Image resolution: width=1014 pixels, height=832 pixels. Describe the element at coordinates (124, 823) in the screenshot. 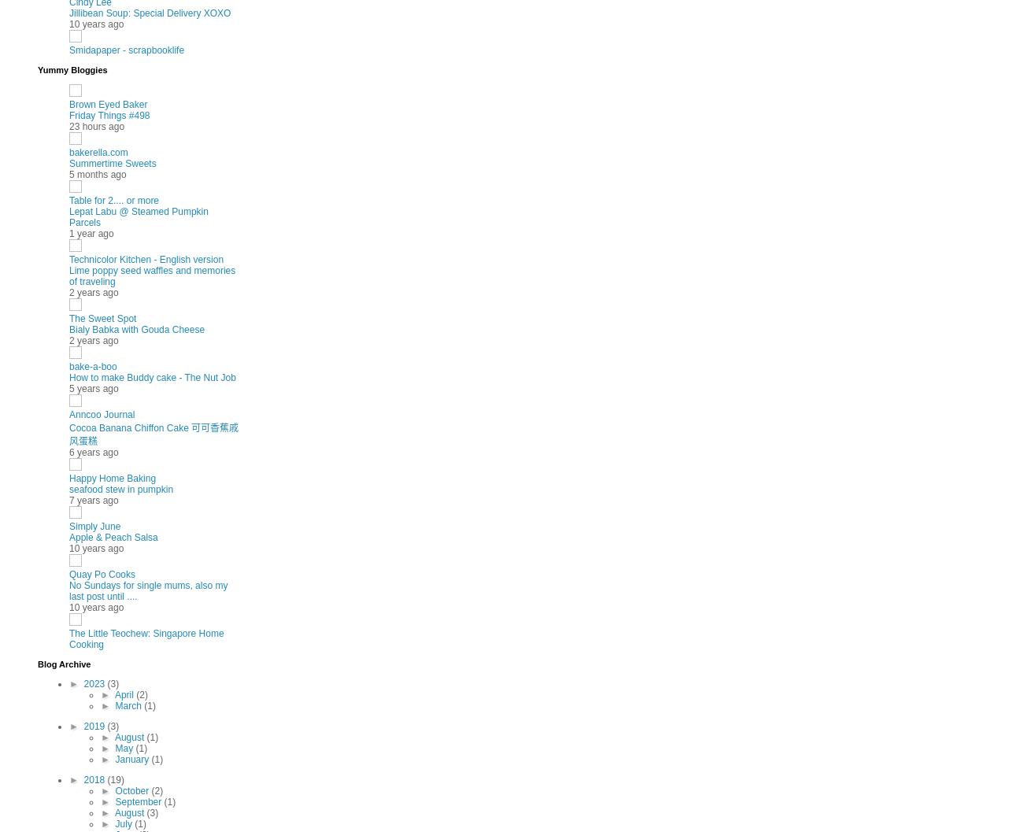

I see `'July'` at that location.